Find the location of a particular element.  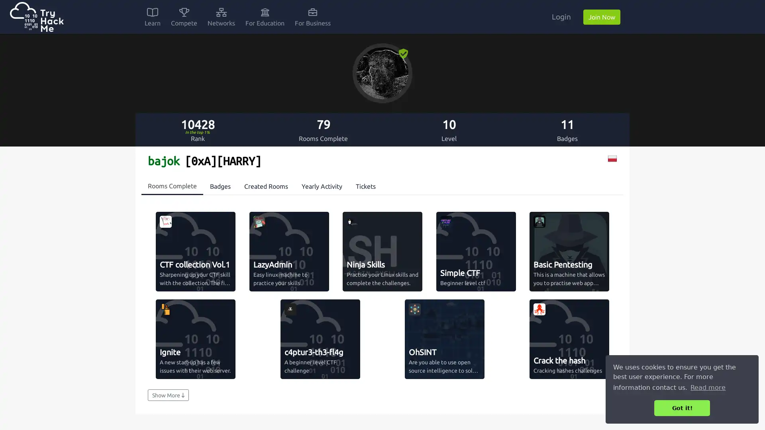

learn more about cookies is located at coordinates (708, 387).